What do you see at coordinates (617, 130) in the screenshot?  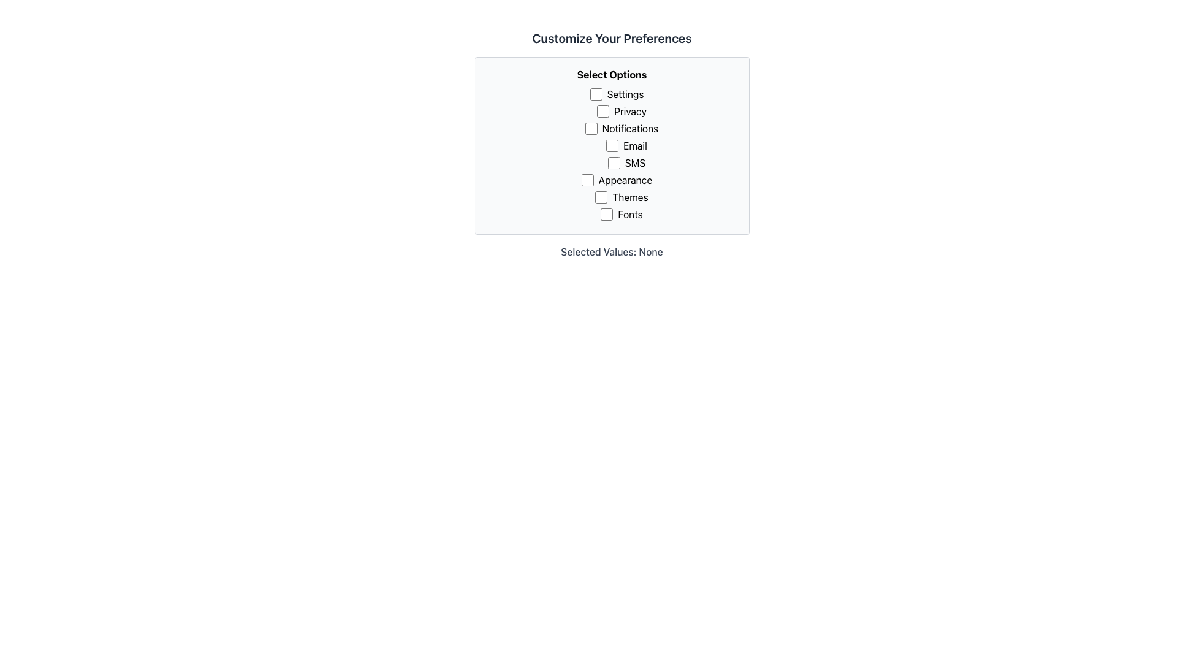 I see `the checkbox in the Interactive List with Checkboxes` at bounding box center [617, 130].